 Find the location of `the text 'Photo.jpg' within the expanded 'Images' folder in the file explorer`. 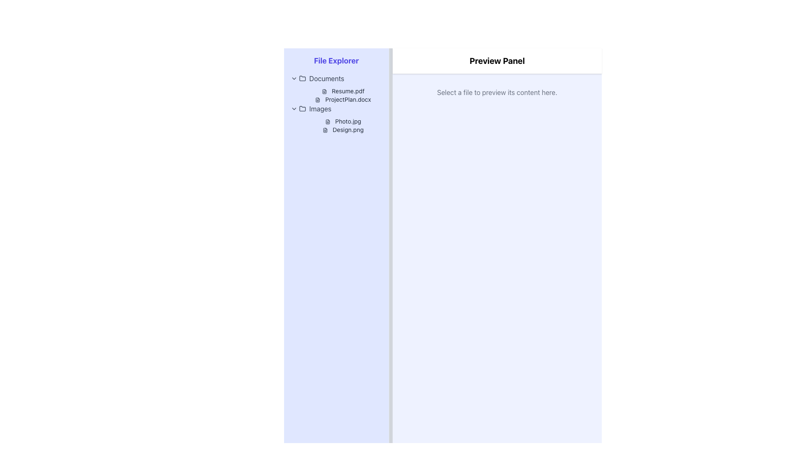

the text 'Photo.jpg' within the expanded 'Images' folder in the file explorer is located at coordinates (336, 119).